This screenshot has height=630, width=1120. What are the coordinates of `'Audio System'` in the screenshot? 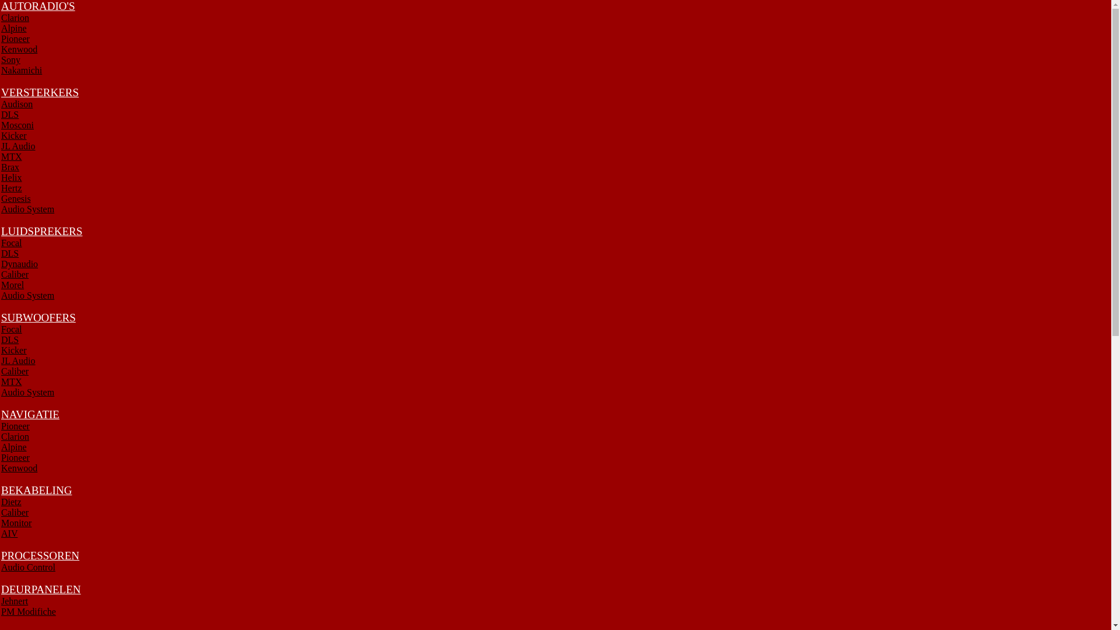 It's located at (1, 392).